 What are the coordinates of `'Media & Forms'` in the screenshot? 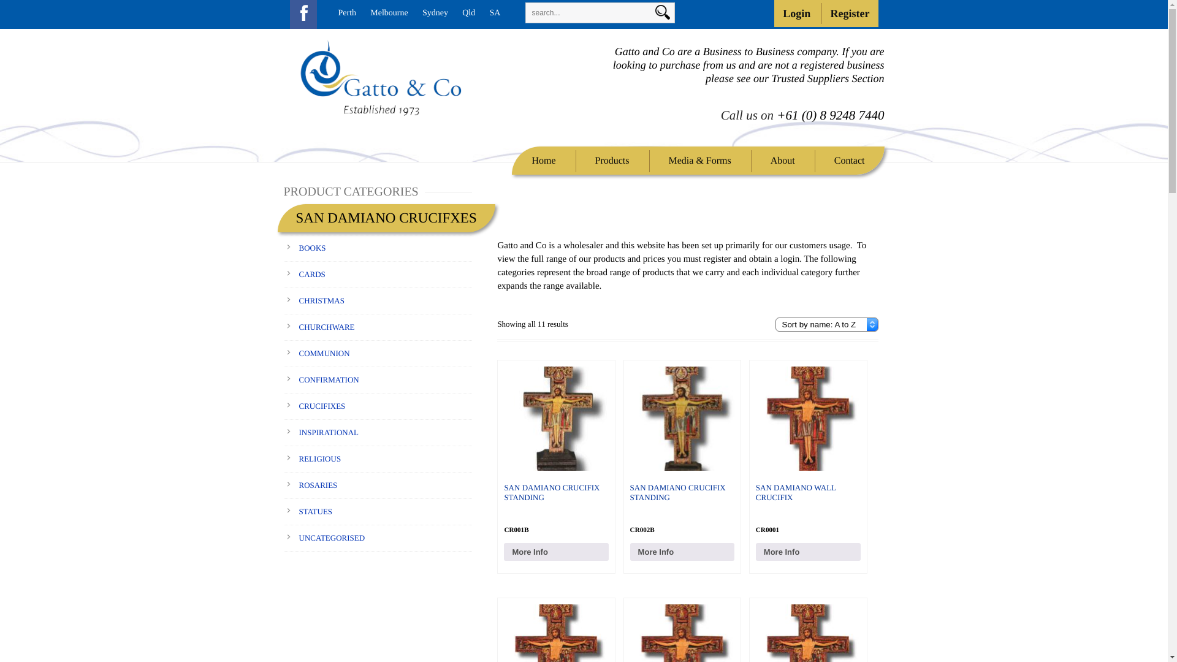 It's located at (700, 160).